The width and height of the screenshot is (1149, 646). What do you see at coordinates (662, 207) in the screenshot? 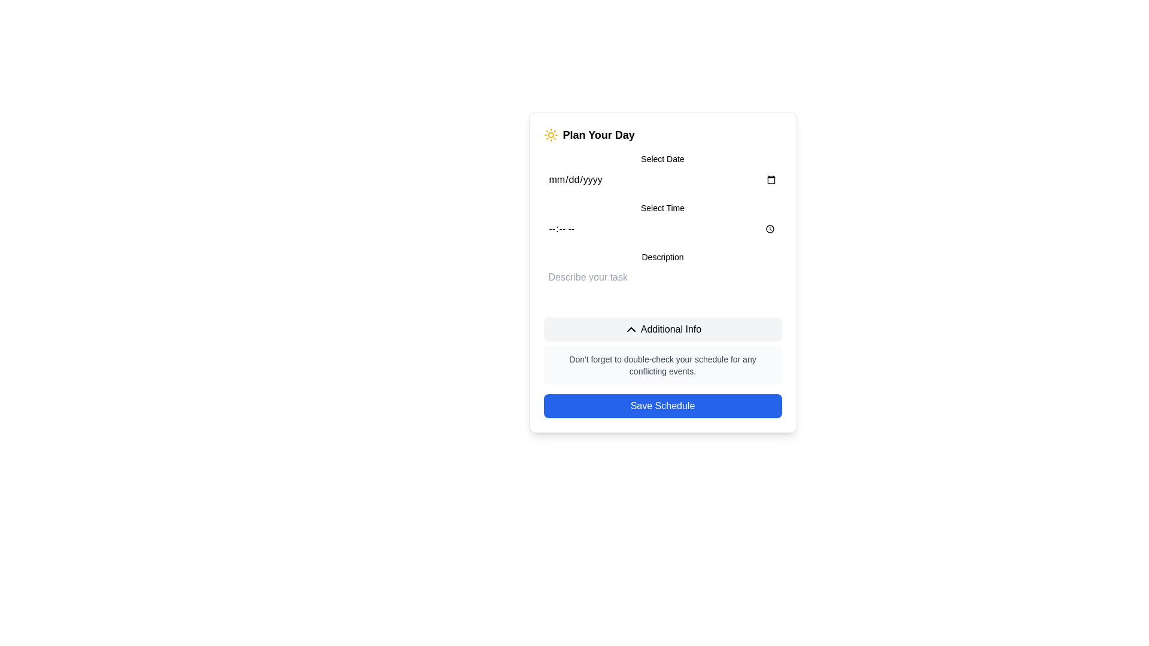
I see `the static text label that guides the user to select a time, located at the top of the 'Select Time' section above the time input field` at bounding box center [662, 207].